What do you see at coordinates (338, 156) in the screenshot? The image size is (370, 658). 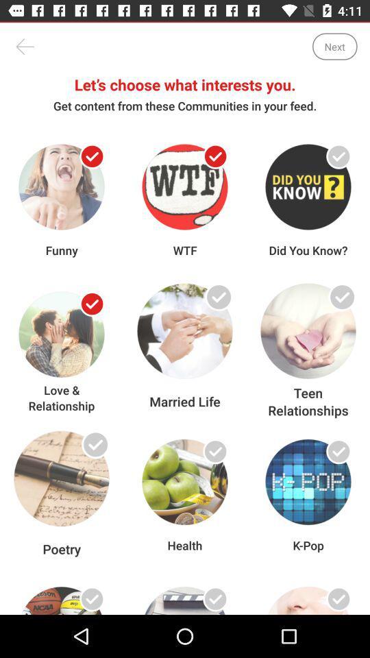 I see `go do sealet` at bounding box center [338, 156].